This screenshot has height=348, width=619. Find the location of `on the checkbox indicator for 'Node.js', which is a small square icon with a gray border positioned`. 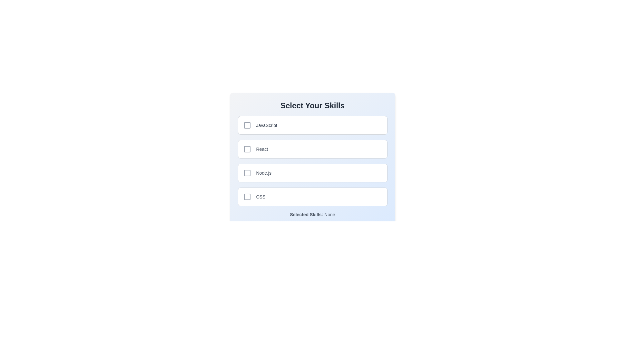

on the checkbox indicator for 'Node.js', which is a small square icon with a gray border positioned is located at coordinates (247, 172).